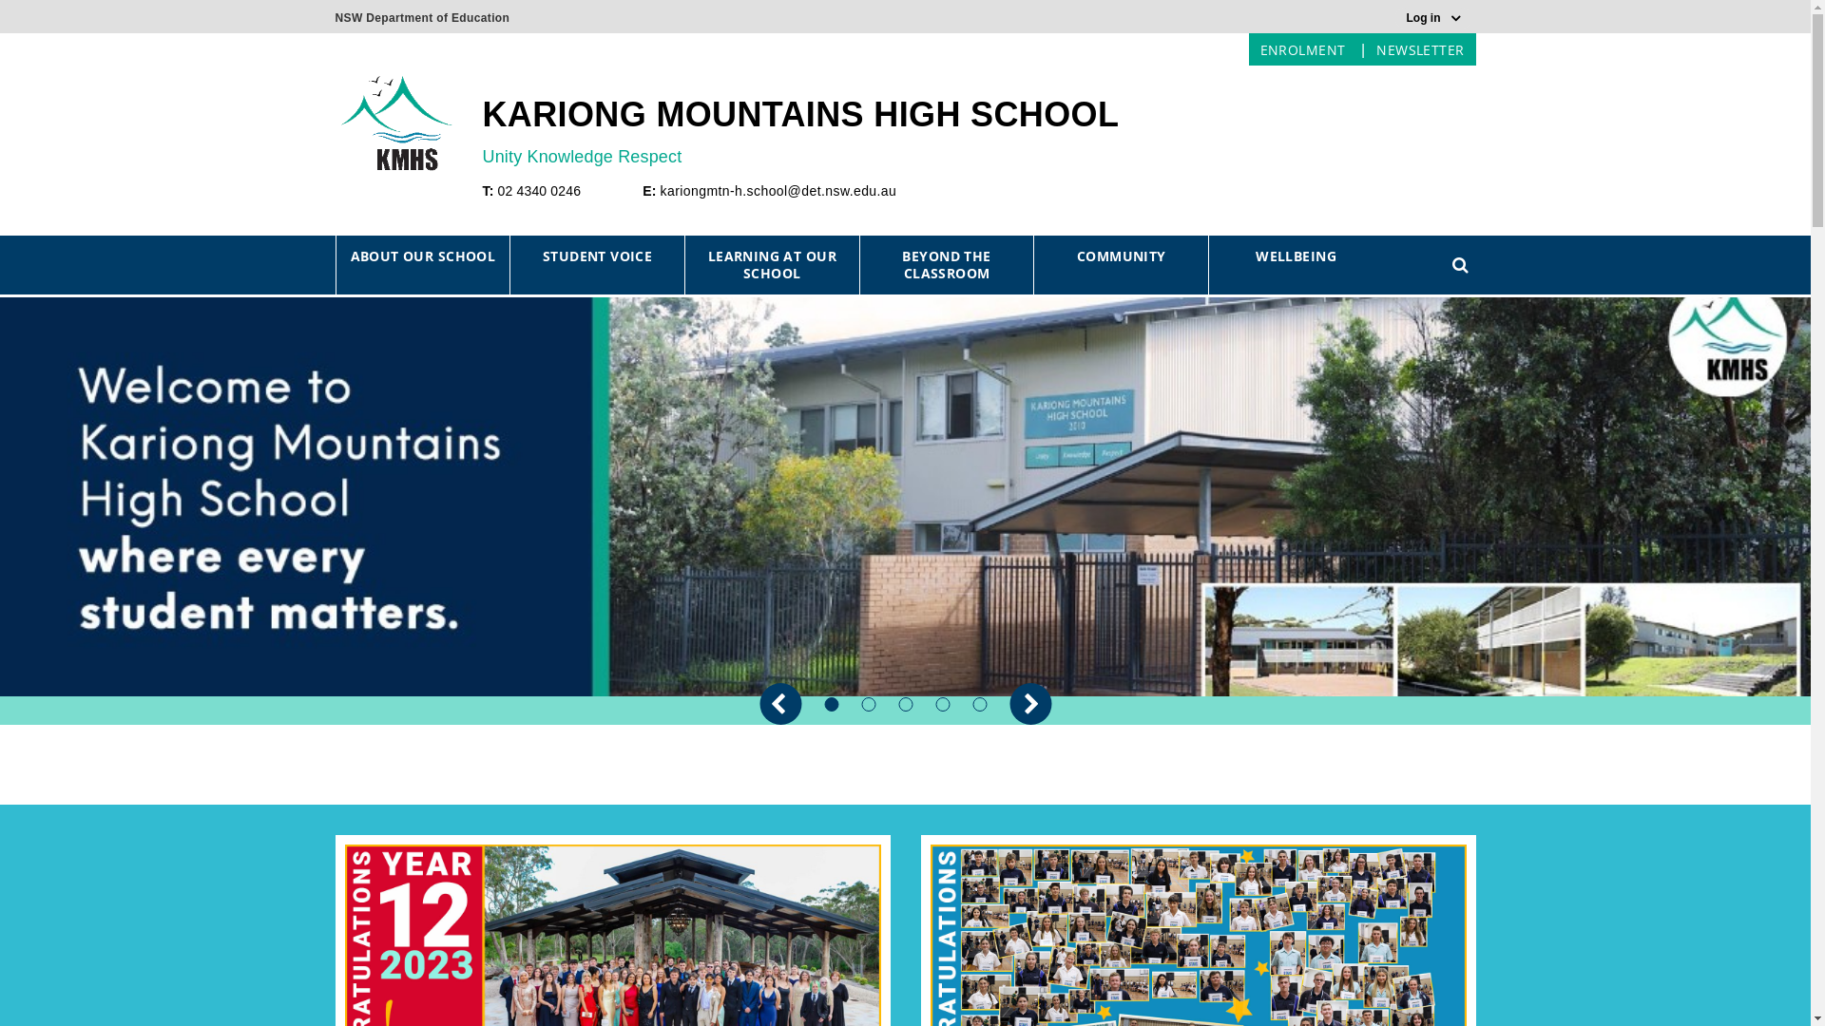 This screenshot has width=1825, height=1026. I want to click on 'kariongmtn-h.school@det.nsw.edu.au', so click(778, 190).